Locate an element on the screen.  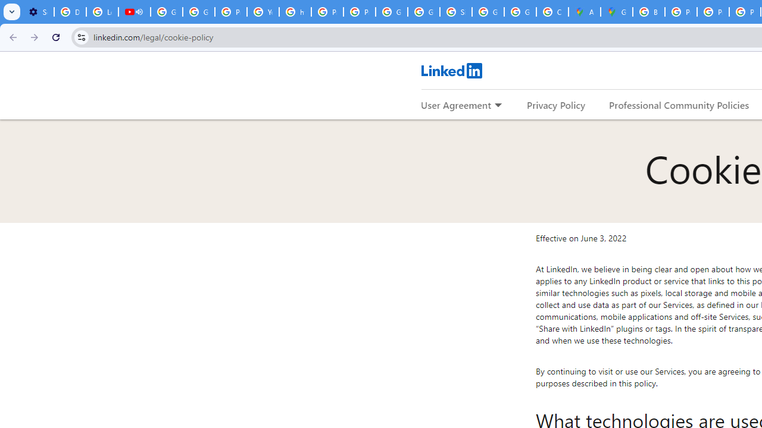
'Google Maps' is located at coordinates (617, 12).